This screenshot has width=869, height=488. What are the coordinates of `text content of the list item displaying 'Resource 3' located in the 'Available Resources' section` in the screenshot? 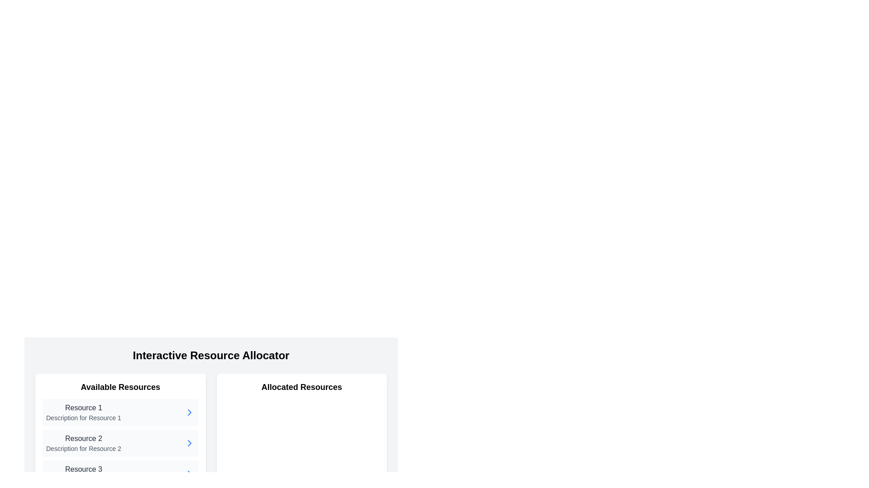 It's located at (83, 474).